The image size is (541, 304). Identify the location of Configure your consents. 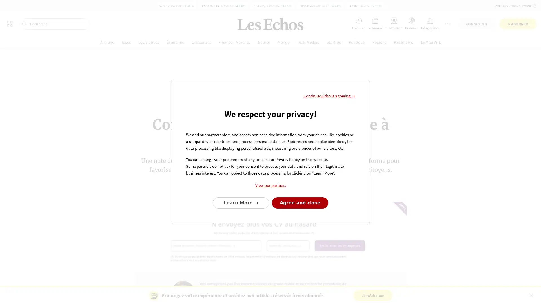
(241, 203).